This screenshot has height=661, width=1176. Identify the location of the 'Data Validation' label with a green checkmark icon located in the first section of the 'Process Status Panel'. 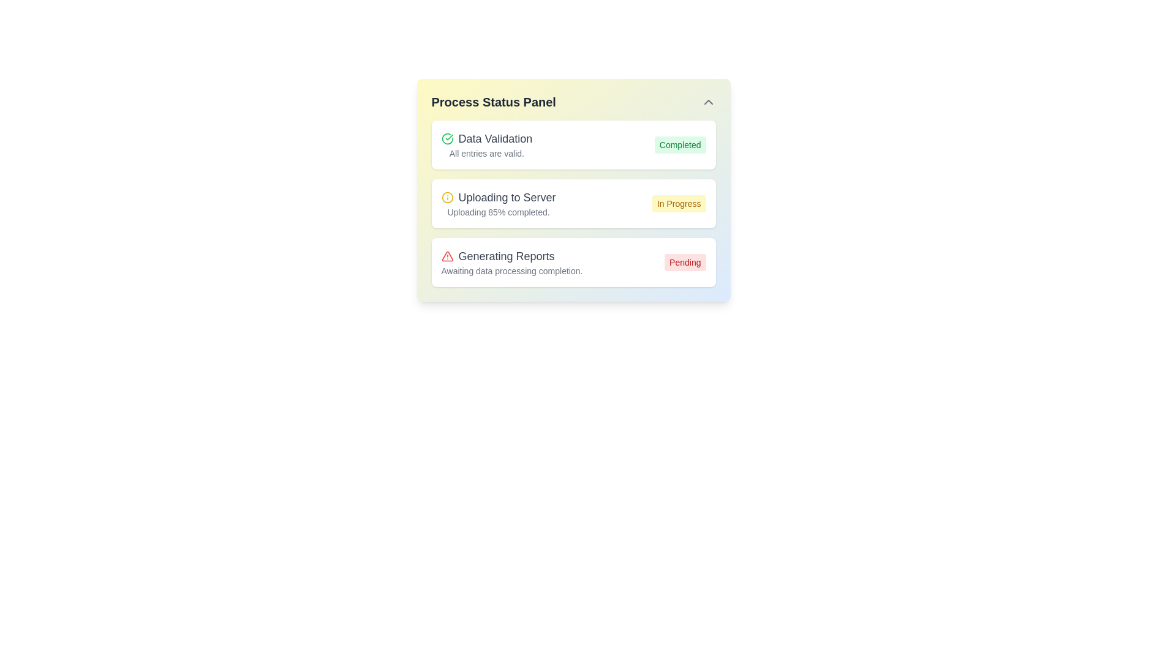
(486, 138).